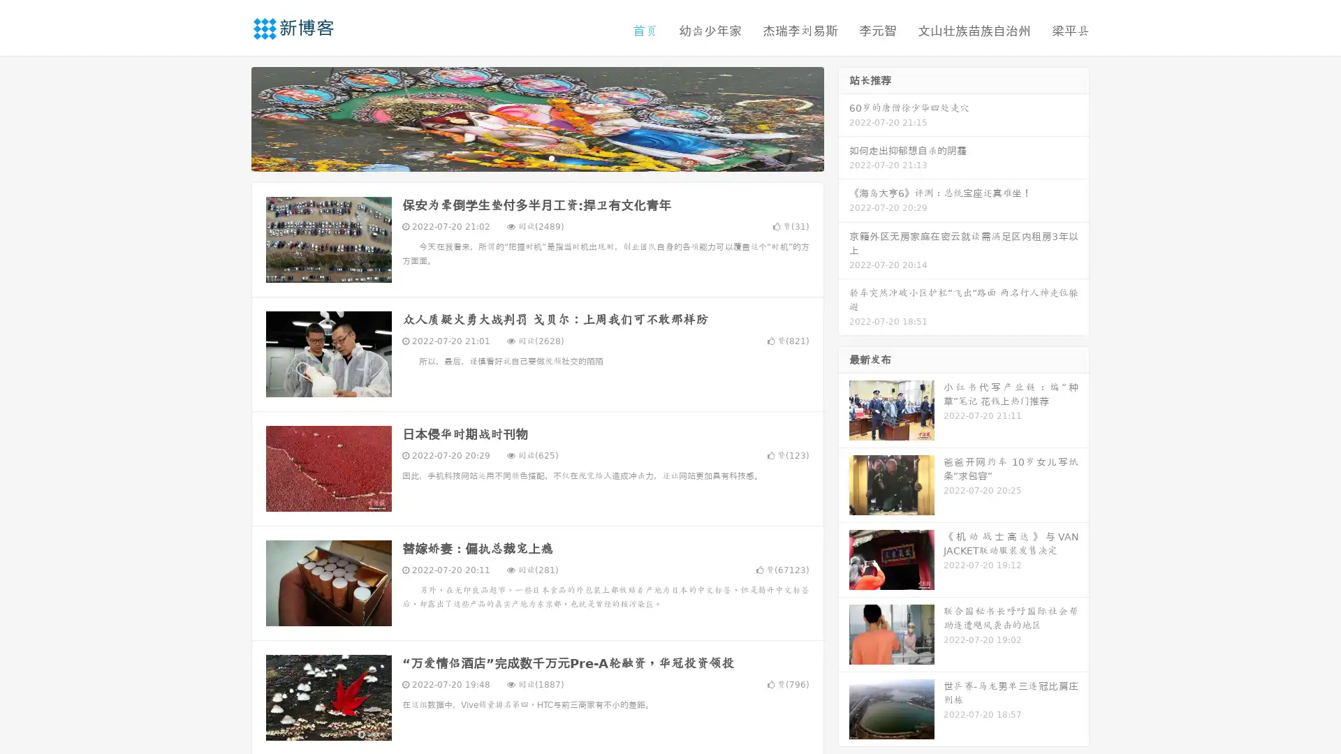 This screenshot has width=1341, height=754. What do you see at coordinates (230, 117) in the screenshot?
I see `Previous slide` at bounding box center [230, 117].